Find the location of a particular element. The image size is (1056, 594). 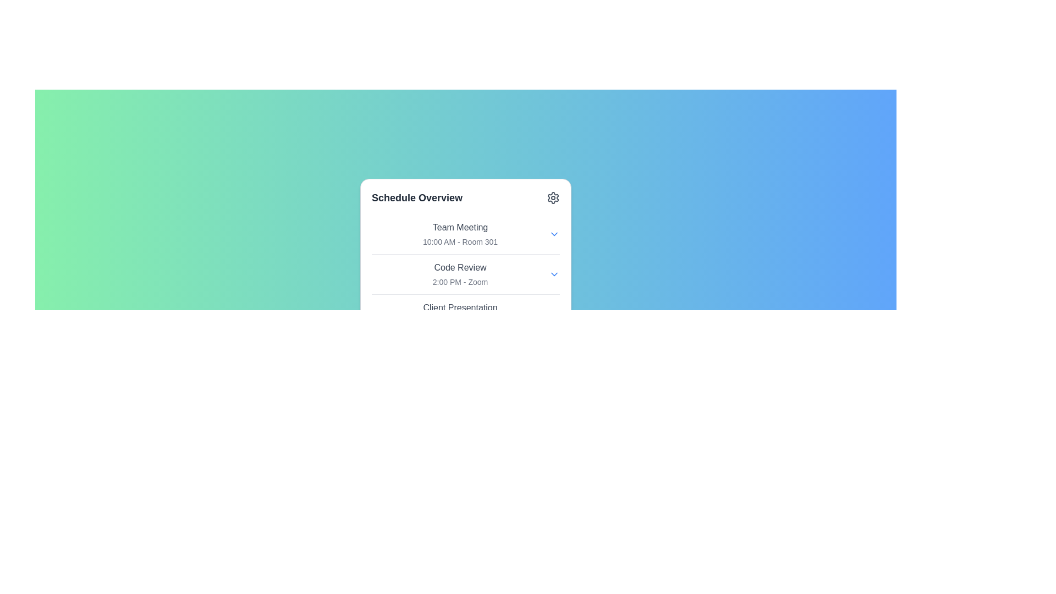

the third Text block displaying event details in the 'Schedule Overview' section, located below the 'Code Review' and 'Team Meeting' entries is located at coordinates (465, 313).